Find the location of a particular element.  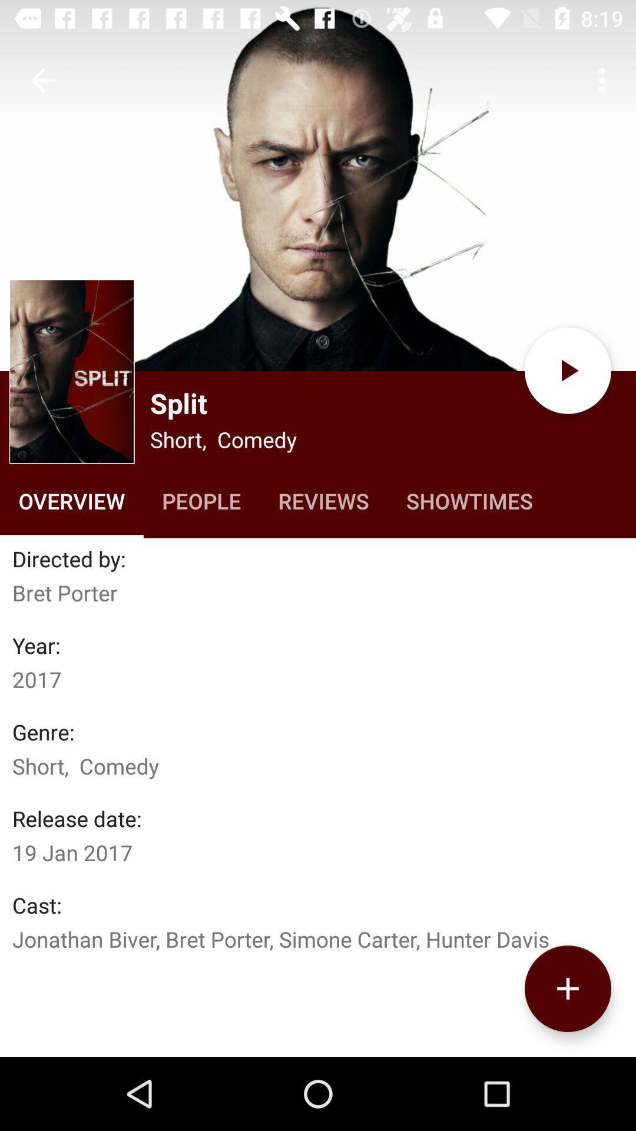

image is located at coordinates (318, 185).